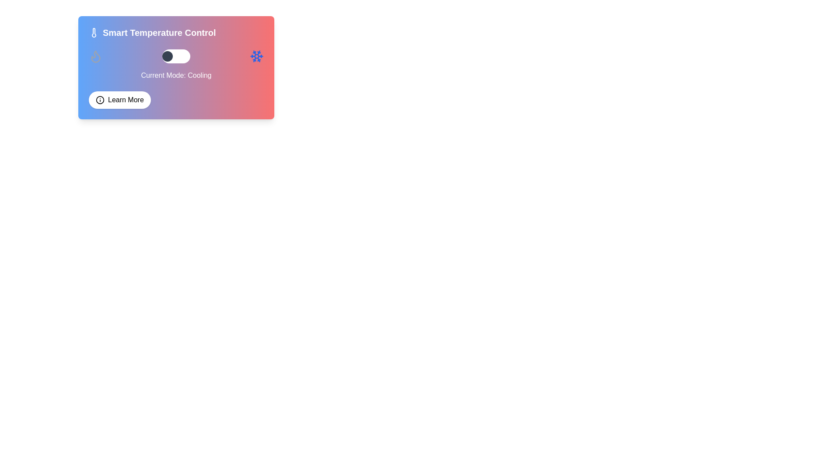 The width and height of the screenshot is (840, 472). What do you see at coordinates (254, 59) in the screenshot?
I see `the bottom-left branch of the blue snowflake icon in the Smart Temperature Control interface` at bounding box center [254, 59].